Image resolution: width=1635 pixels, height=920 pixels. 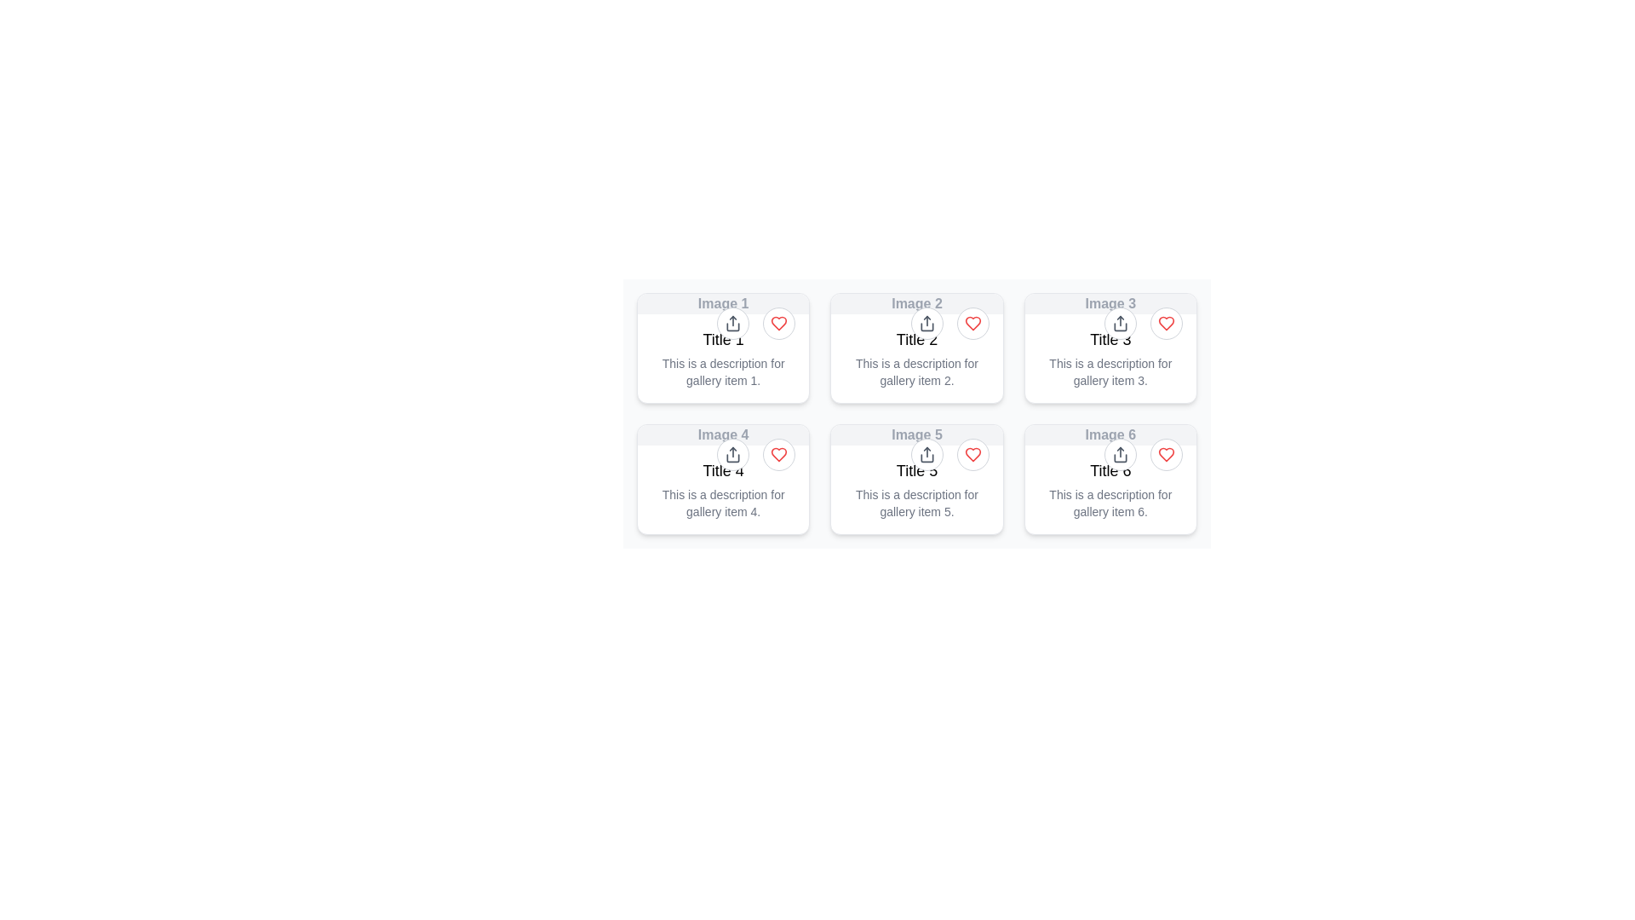 What do you see at coordinates (915, 357) in the screenshot?
I see `the central text area of the second card in the top row, which contains the title 'Title 2' and the description 'This is a description for gallery item 2.'` at bounding box center [915, 357].